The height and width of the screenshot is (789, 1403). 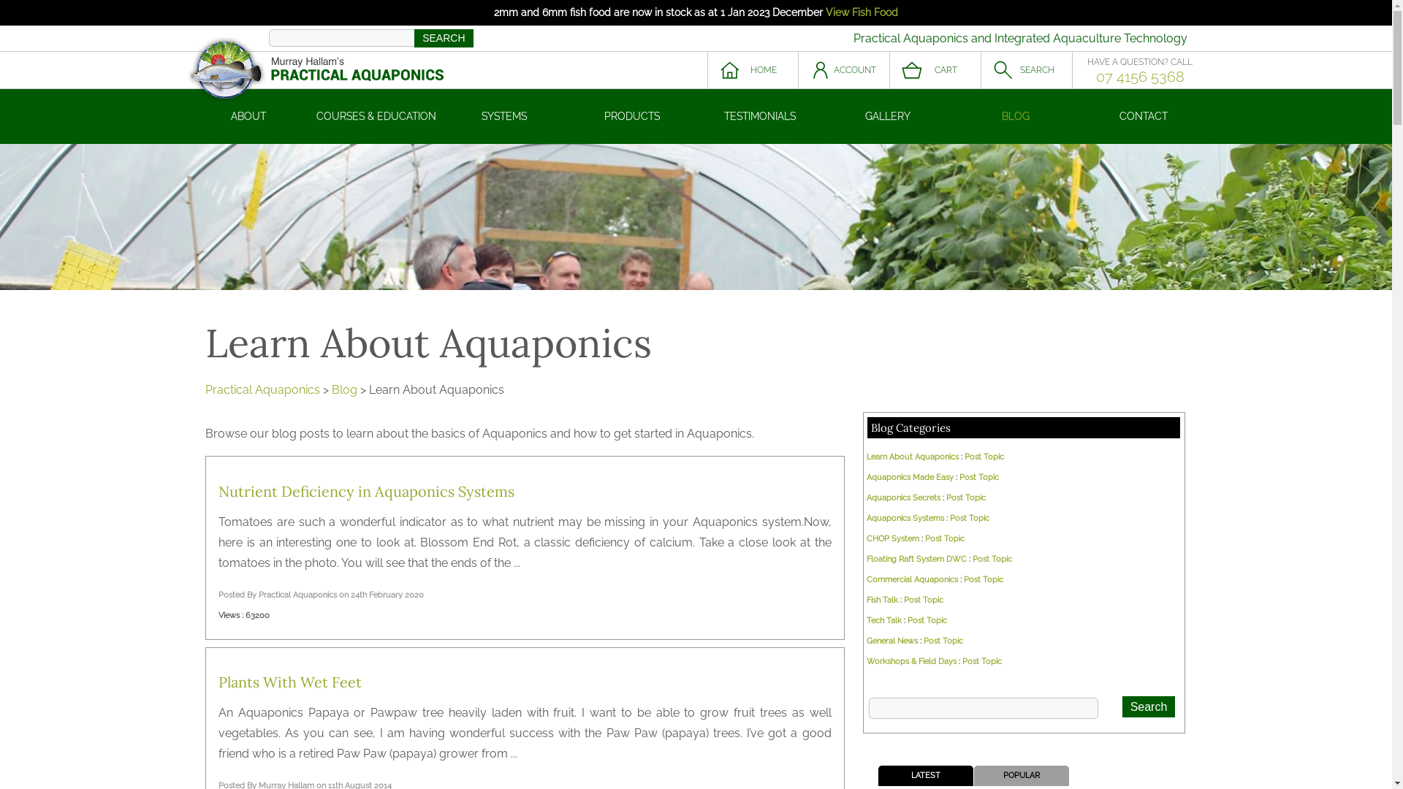 What do you see at coordinates (862, 12) in the screenshot?
I see `'View Fish Food'` at bounding box center [862, 12].